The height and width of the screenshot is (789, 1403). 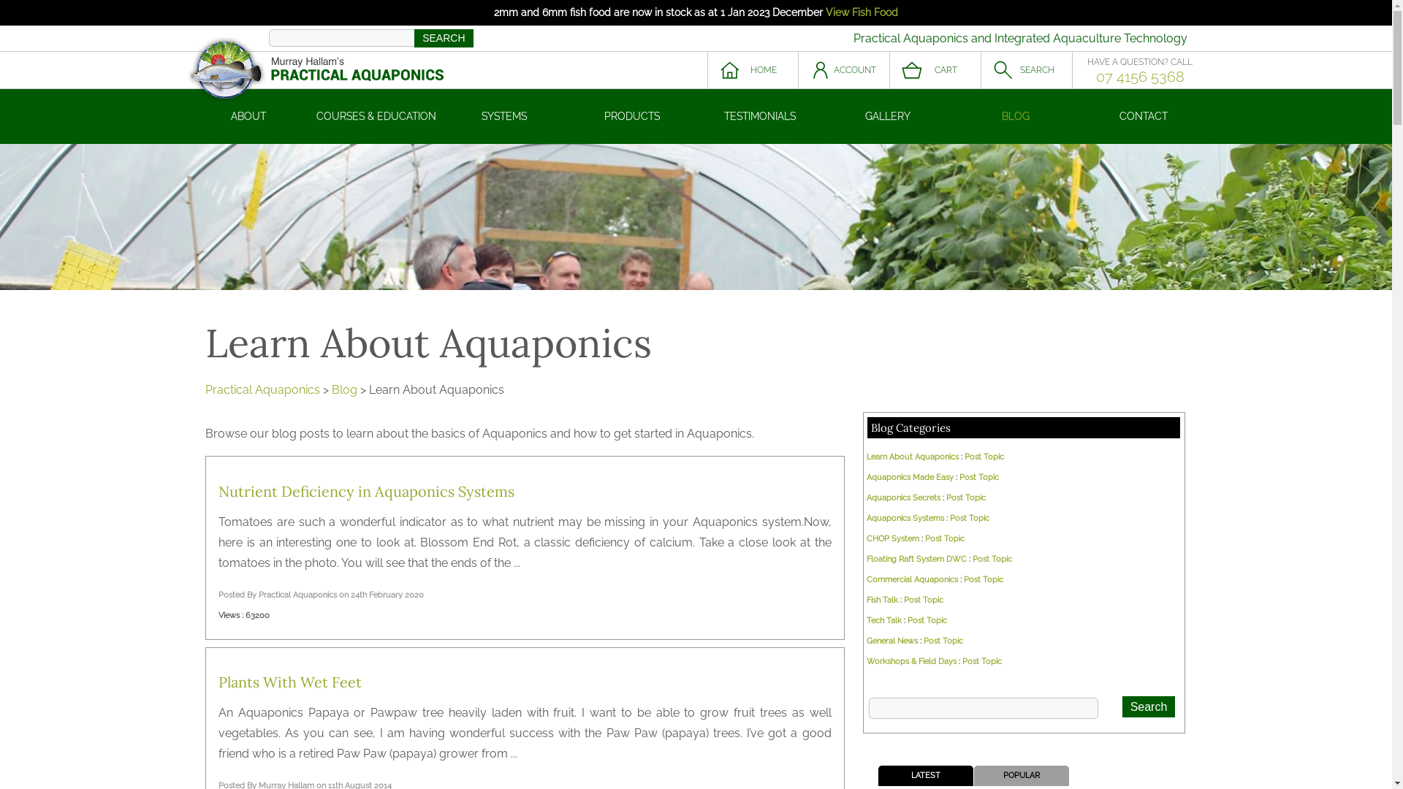 What do you see at coordinates (862, 12) in the screenshot?
I see `'View Fish Food'` at bounding box center [862, 12].